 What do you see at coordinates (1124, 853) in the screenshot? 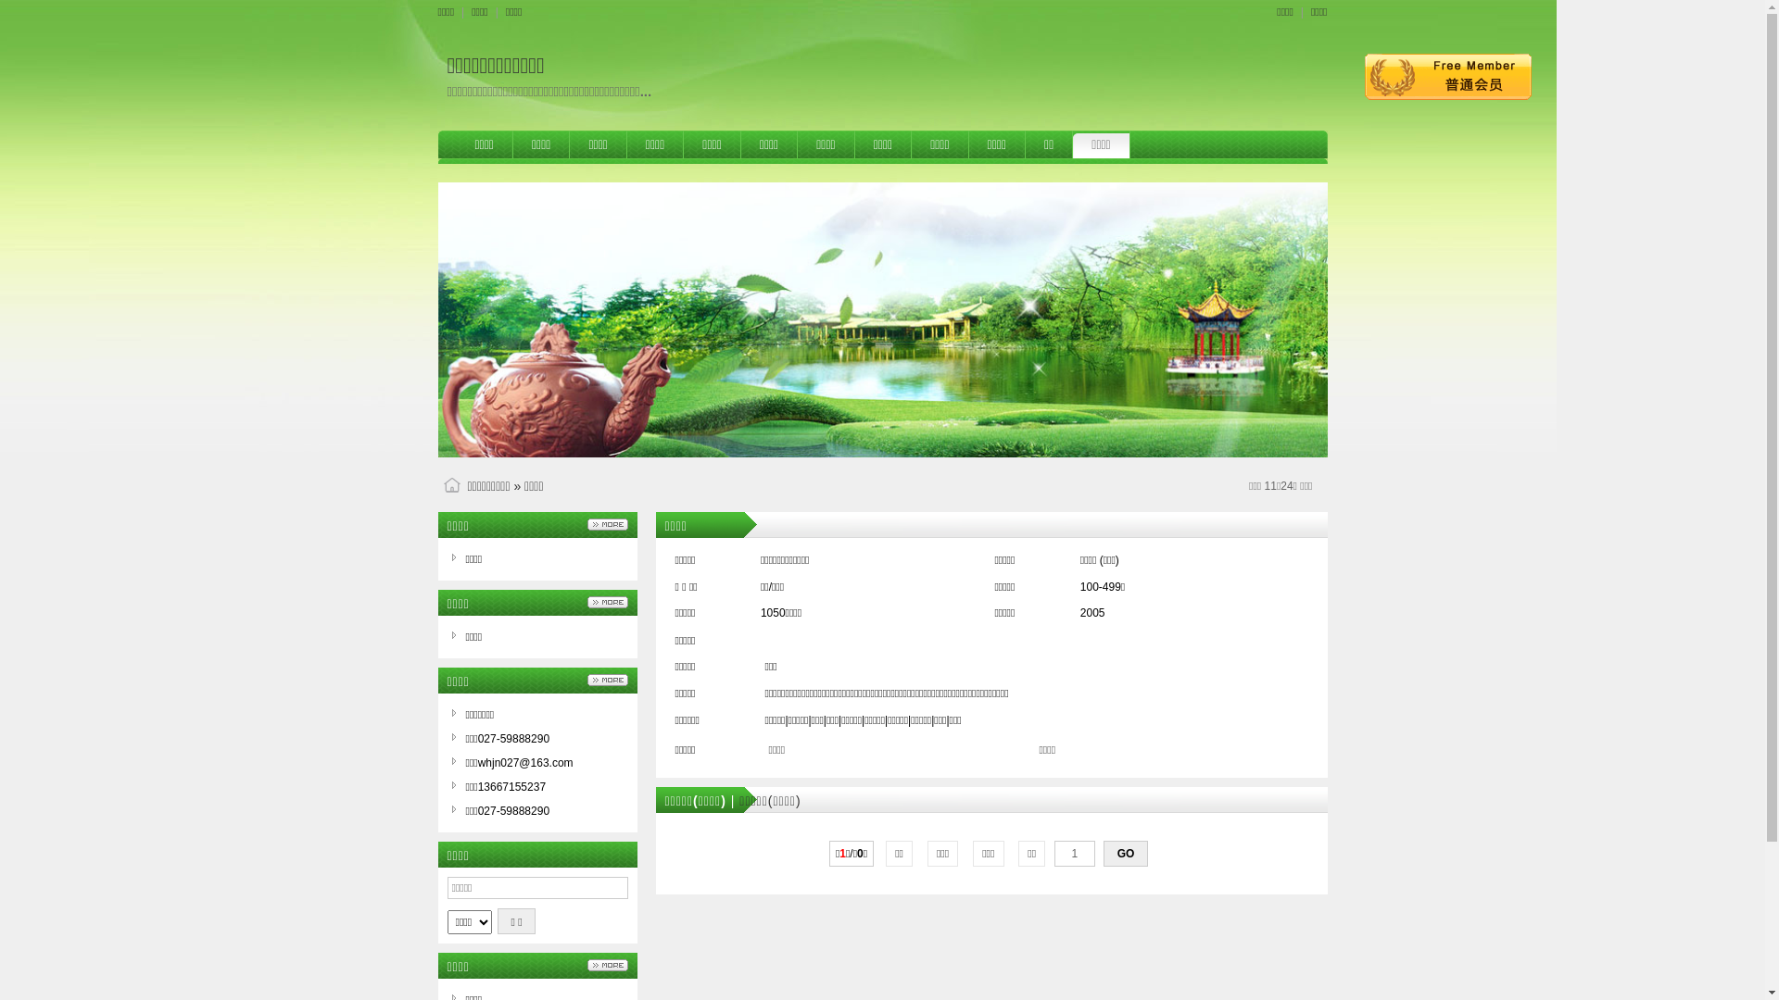
I see `'GO'` at bounding box center [1124, 853].